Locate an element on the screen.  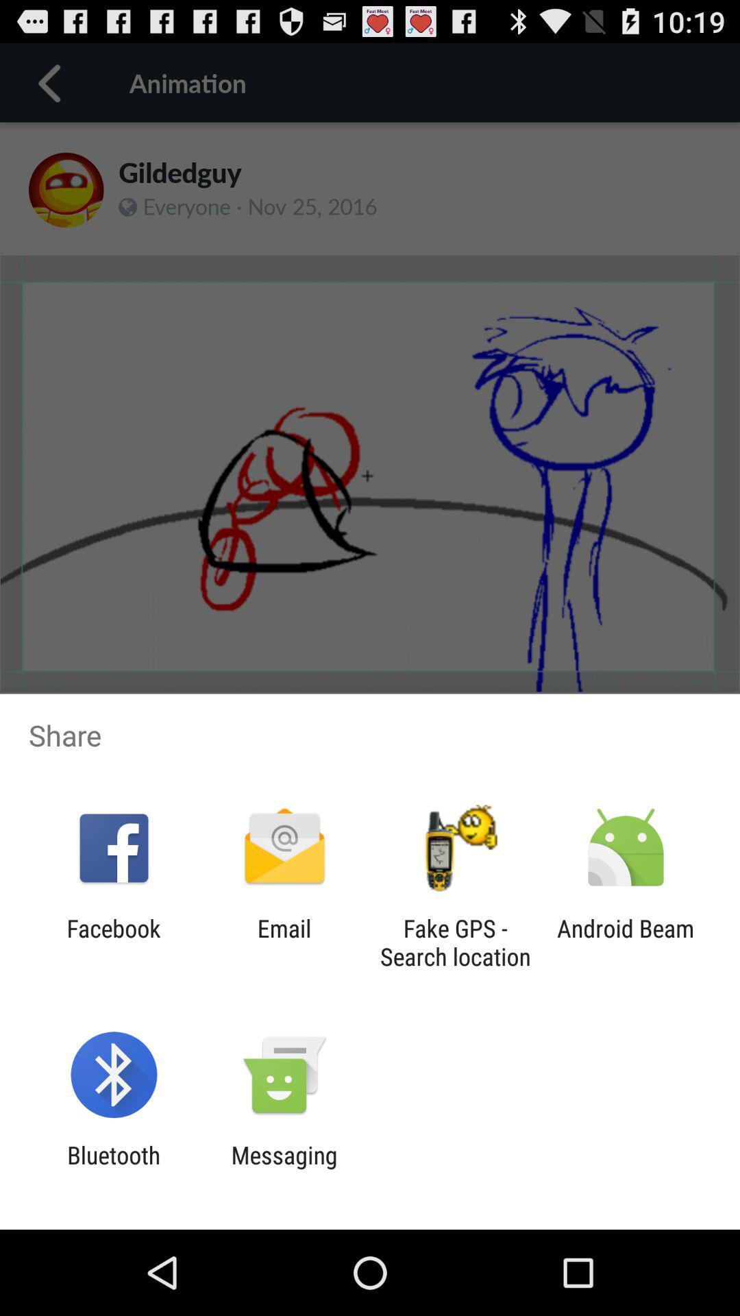
the bluetooth is located at coordinates (113, 1169).